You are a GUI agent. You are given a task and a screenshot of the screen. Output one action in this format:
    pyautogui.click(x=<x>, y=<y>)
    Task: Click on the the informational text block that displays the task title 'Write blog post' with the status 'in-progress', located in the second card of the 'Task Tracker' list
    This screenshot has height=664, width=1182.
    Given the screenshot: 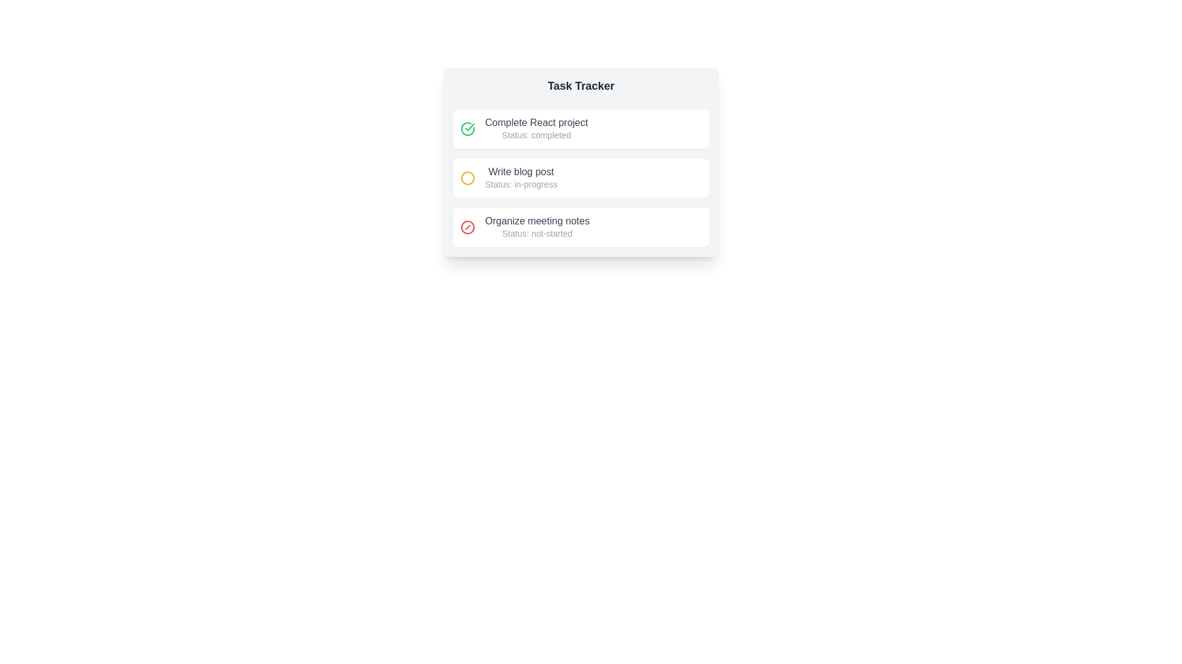 What is the action you would take?
    pyautogui.click(x=521, y=178)
    